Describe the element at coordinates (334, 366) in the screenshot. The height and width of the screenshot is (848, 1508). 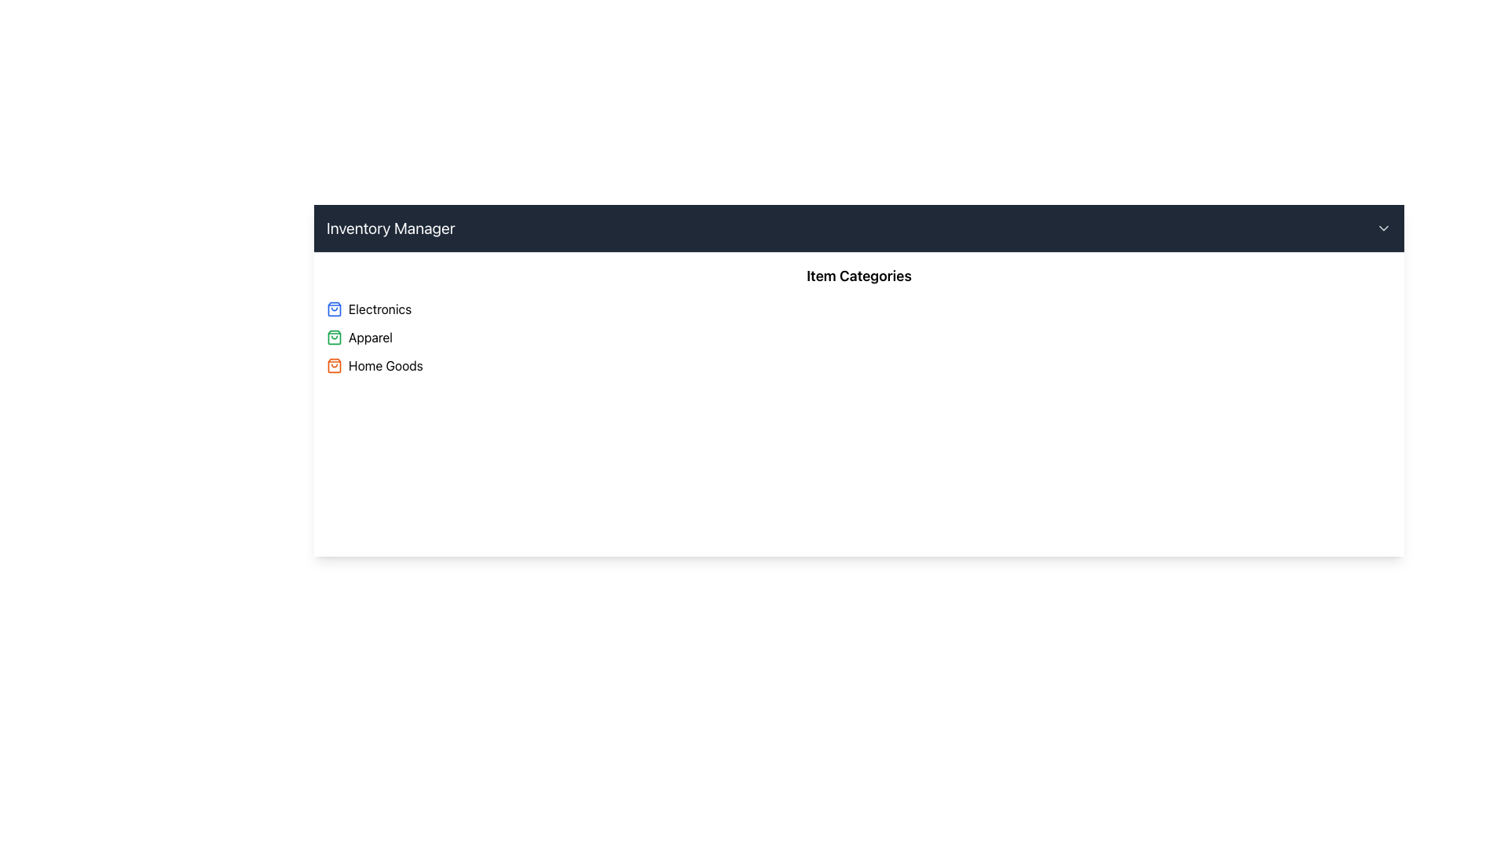
I see `the orange shopping bag icon located to the left of the 'Home Goods' text, which is part of the third item in the vertical list under 'Item Categories'` at that location.